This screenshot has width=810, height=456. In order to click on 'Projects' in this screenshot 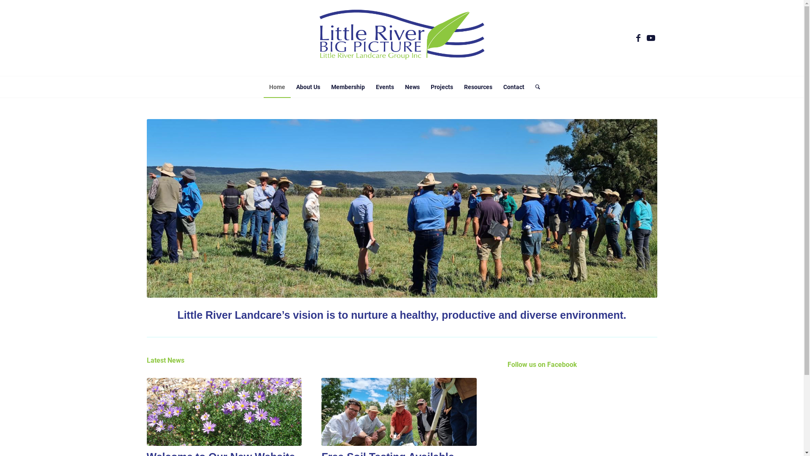, I will do `click(441, 87)`.